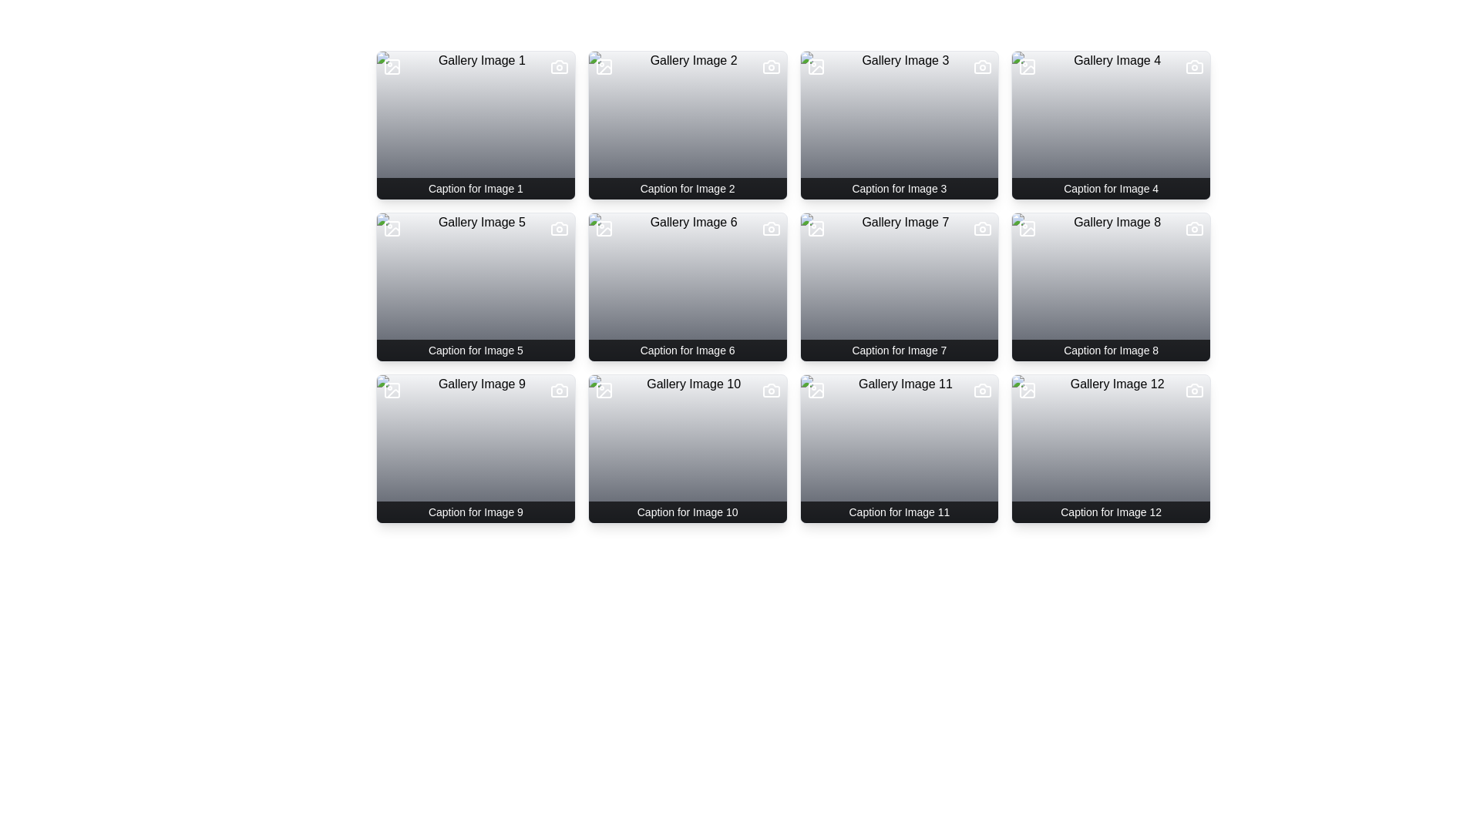 The width and height of the screenshot is (1480, 832). Describe the element at coordinates (603, 389) in the screenshot. I see `the icon indicating that the card contains an image representation within the card for 'Gallery Image 10', located at the top-left corner near the caption 'Caption for Image 10'` at that location.